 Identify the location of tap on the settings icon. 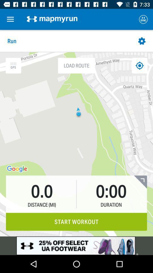
(142, 41).